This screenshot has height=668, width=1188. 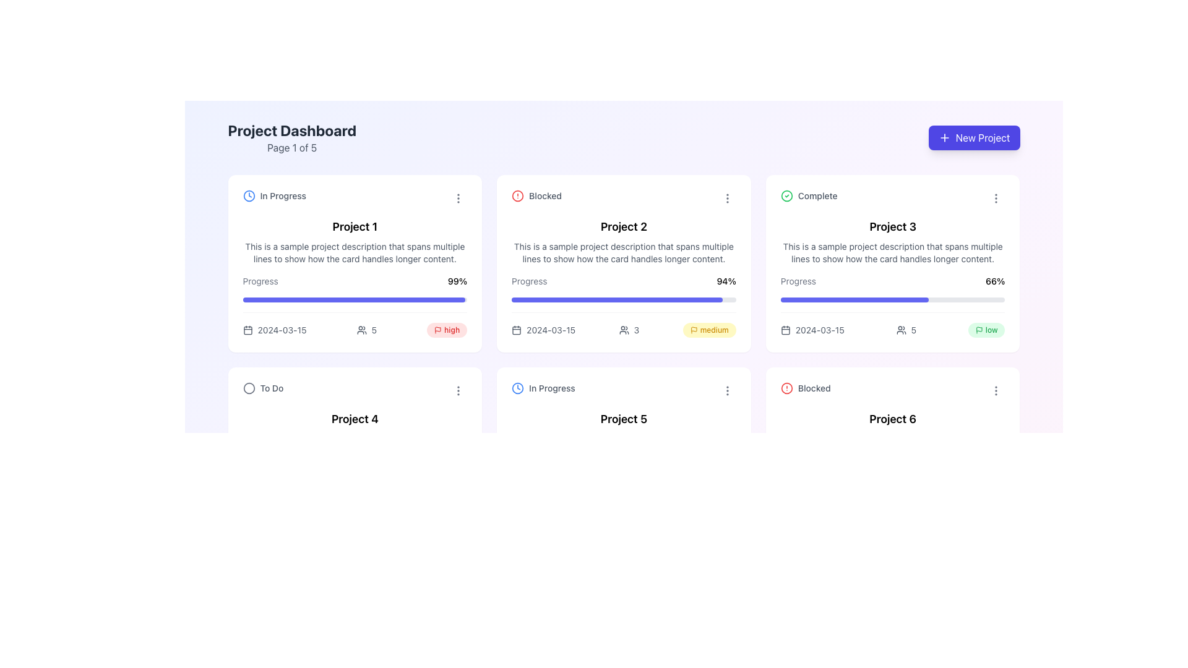 I want to click on the options menu trigger button located at the top-right corner of the 'Project 6' card, so click(x=996, y=391).